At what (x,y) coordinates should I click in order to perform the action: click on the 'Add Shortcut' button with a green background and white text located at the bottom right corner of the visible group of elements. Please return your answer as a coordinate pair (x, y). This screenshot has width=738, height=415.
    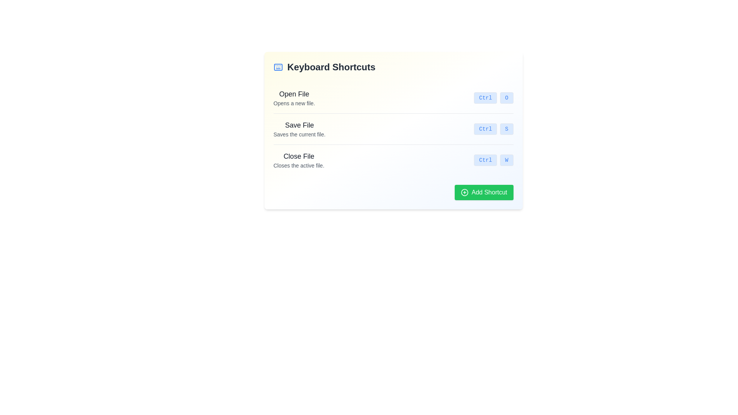
    Looking at the image, I should click on (484, 192).